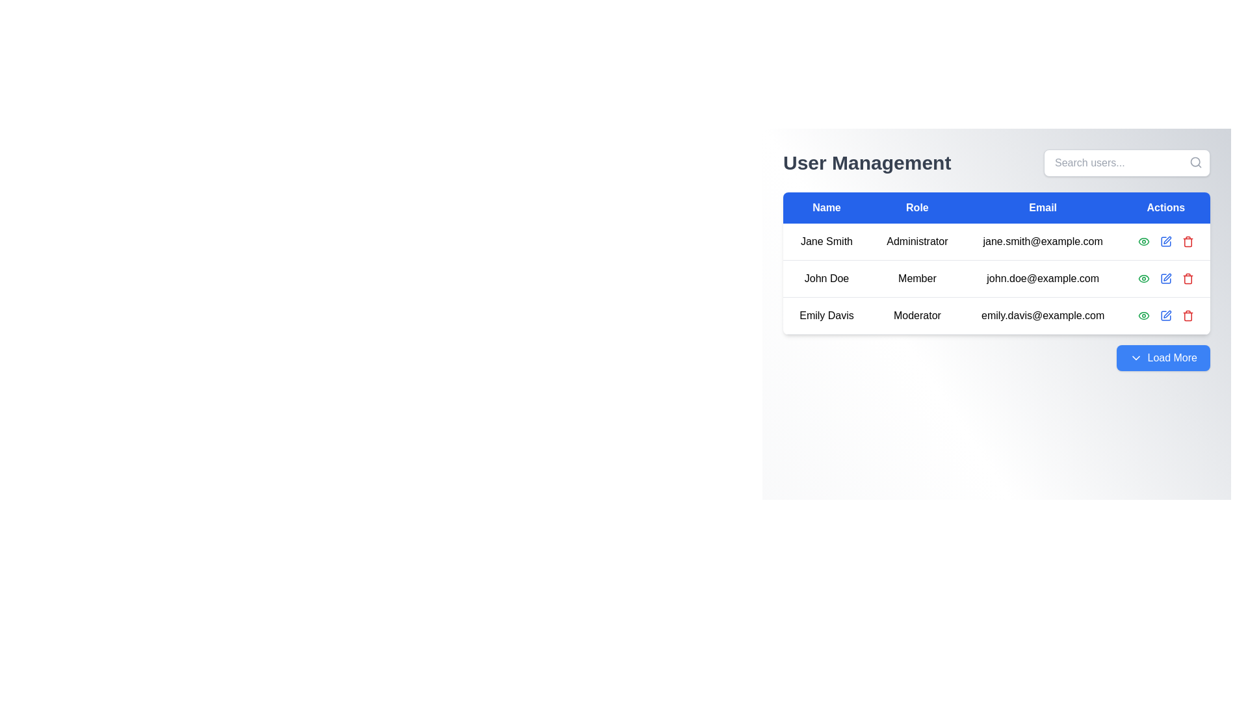 The width and height of the screenshot is (1248, 702). Describe the element at coordinates (1165, 207) in the screenshot. I see `the 'Actions' header in the table, which is the fourth header and located in the top-right corner of the header row` at that location.